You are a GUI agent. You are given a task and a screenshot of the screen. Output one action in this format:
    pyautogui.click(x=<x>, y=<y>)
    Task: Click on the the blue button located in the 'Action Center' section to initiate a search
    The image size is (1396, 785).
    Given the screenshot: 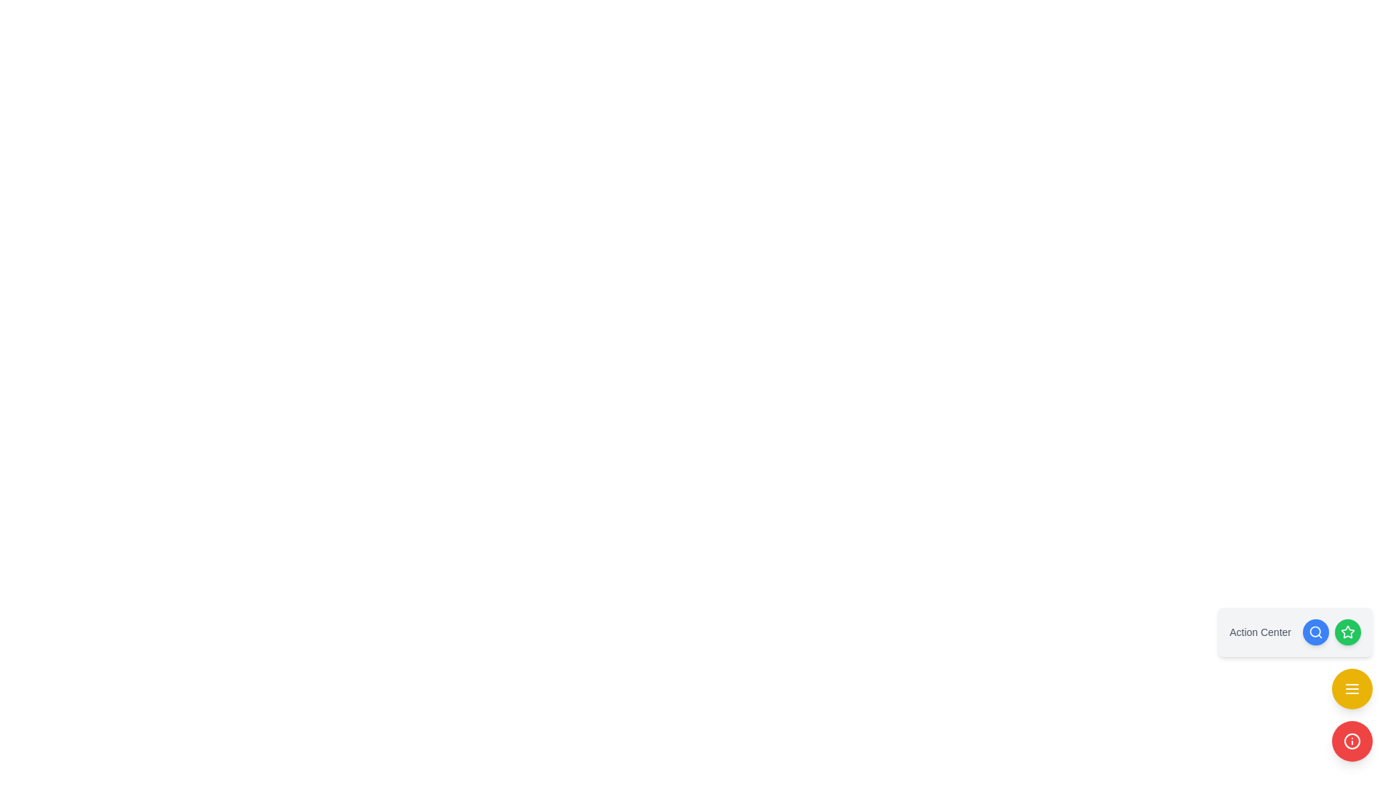 What is the action you would take?
    pyautogui.click(x=1332, y=632)
    